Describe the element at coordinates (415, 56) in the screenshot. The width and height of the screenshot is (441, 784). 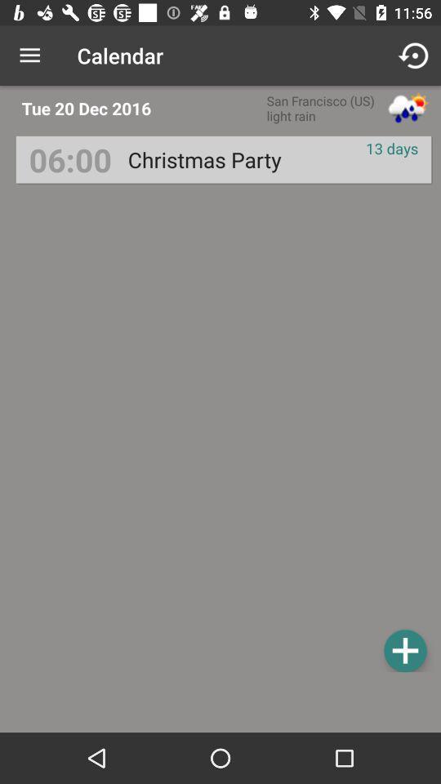
I see `the icon to the right of calendar` at that location.